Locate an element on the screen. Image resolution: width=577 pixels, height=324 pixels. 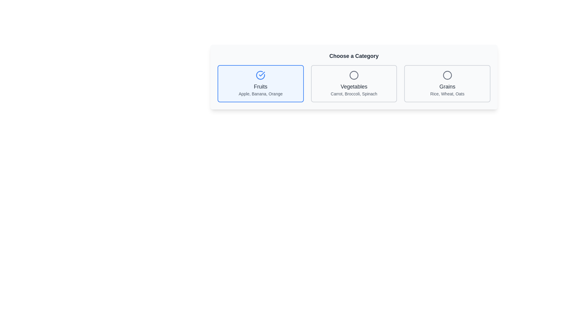
the circular gray icon with an outline design located at the top center of the 'Grains' category card is located at coordinates (447, 75).